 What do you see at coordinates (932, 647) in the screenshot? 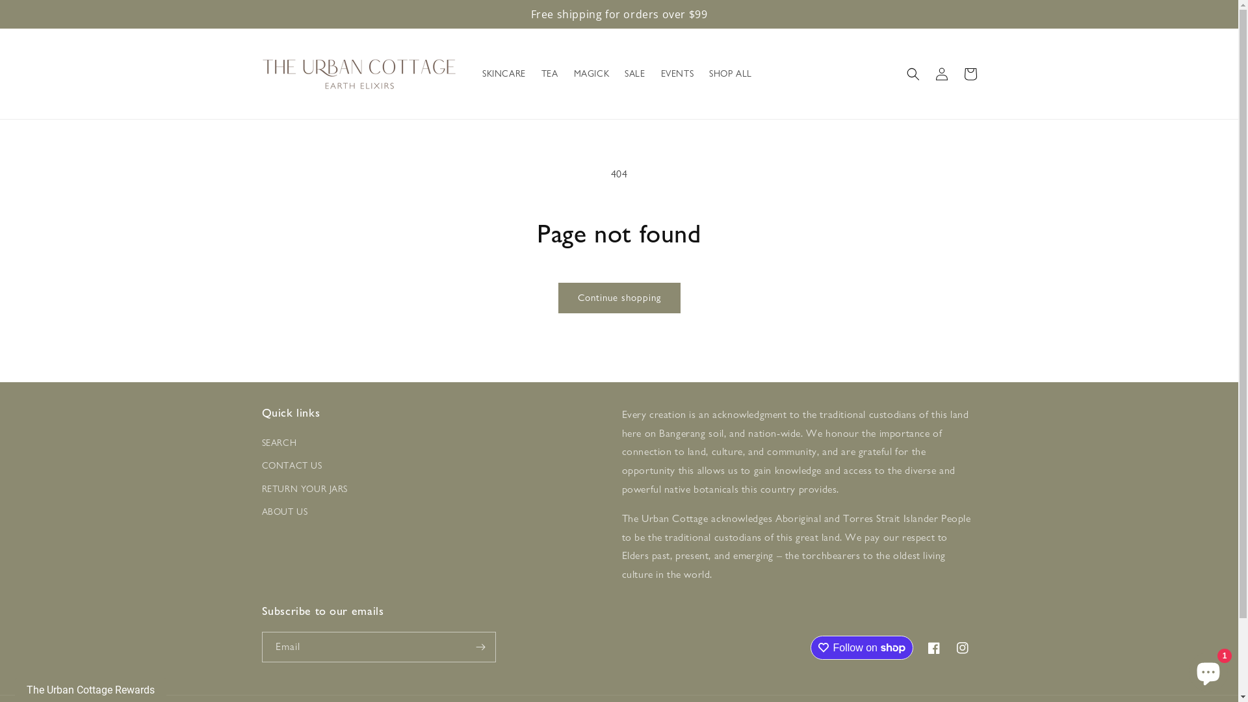
I see `'Facebook'` at bounding box center [932, 647].